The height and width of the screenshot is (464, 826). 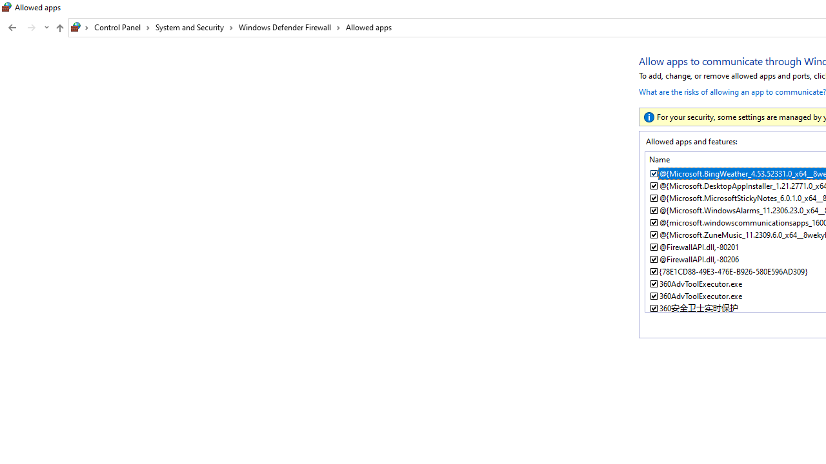 What do you see at coordinates (12, 28) in the screenshot?
I see `'Back to Windows Defender Firewall (Alt + Left Arrow)'` at bounding box center [12, 28].